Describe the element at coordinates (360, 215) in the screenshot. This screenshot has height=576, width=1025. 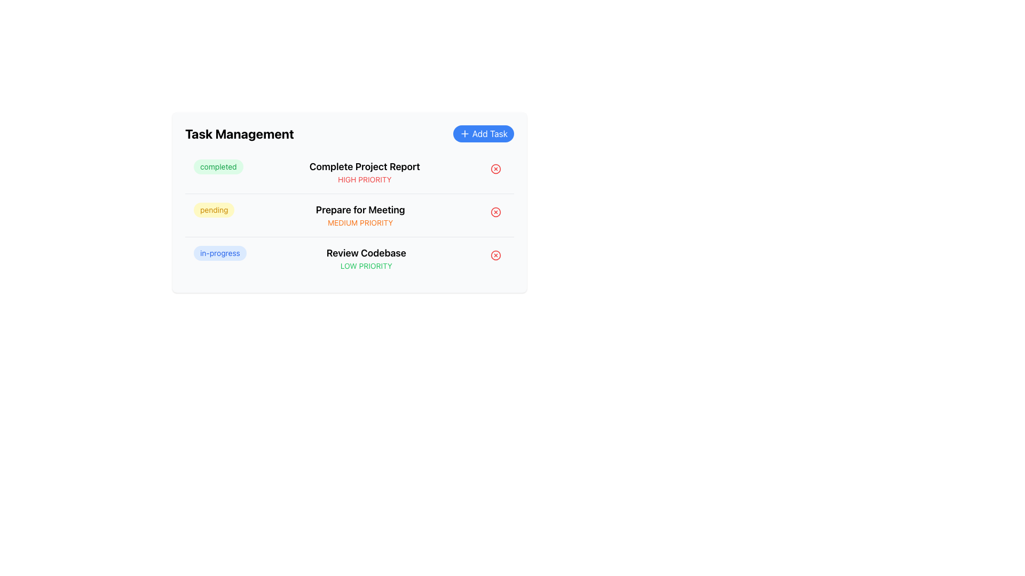
I see `text of the Text block that provides information about the task labeled 'Prepare for Meeting' with a priority level of 'Medium', located below the label 'pending' and above a red circular icon with an 'X'` at that location.